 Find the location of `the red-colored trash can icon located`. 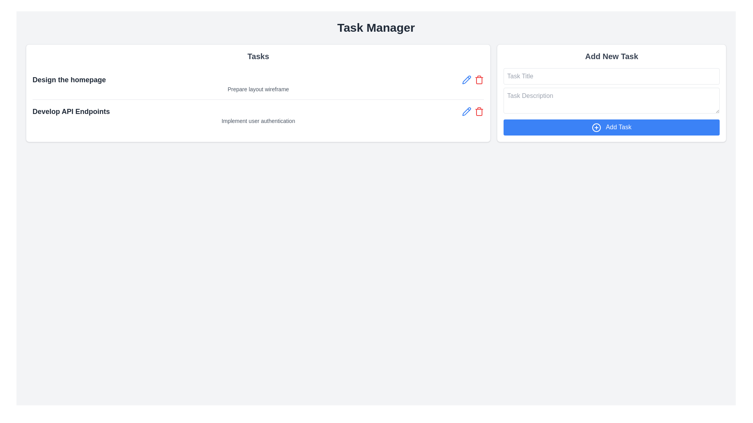

the red-colored trash can icon located is located at coordinates (479, 112).